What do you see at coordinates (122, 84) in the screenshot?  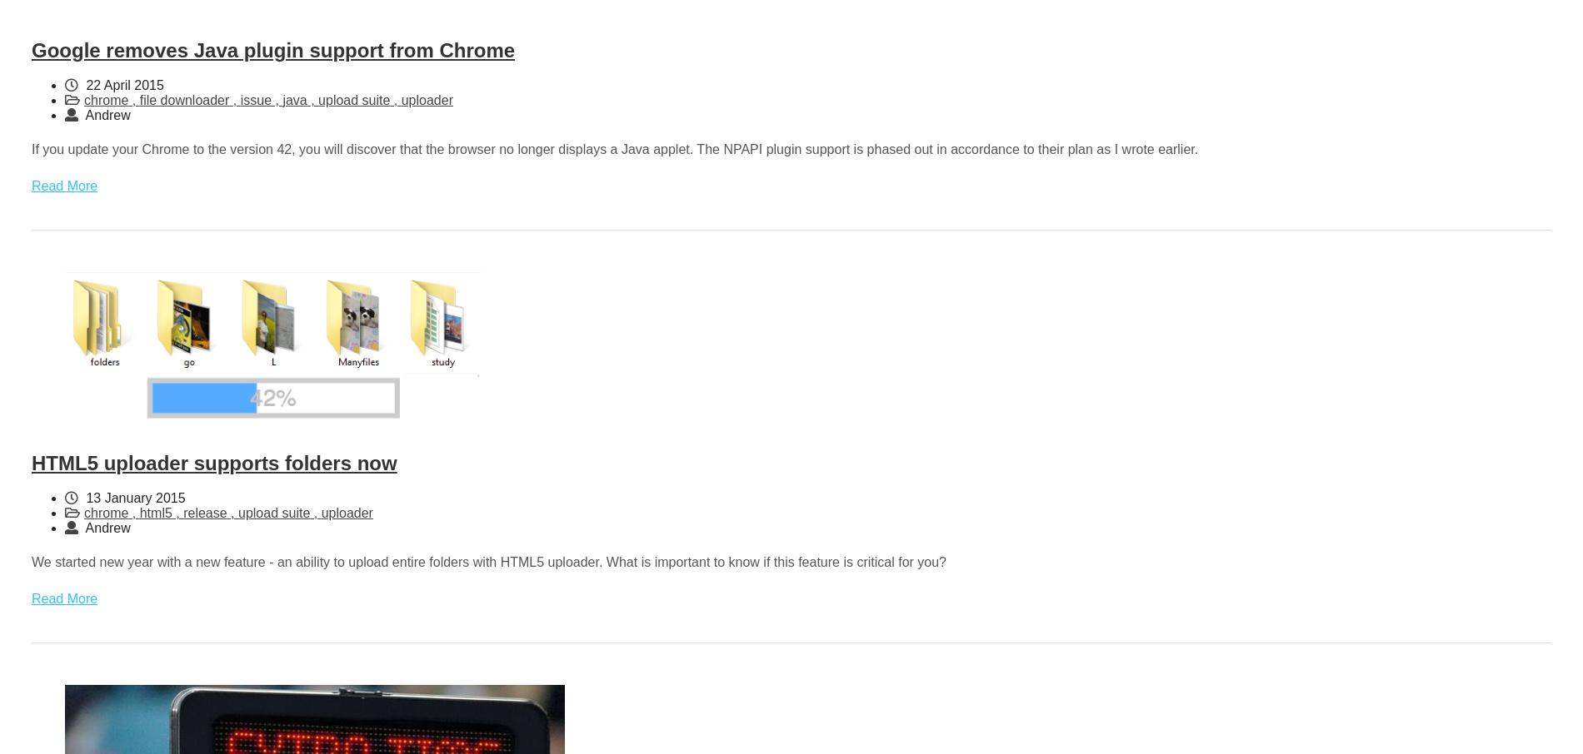 I see `'22 April 2015'` at bounding box center [122, 84].